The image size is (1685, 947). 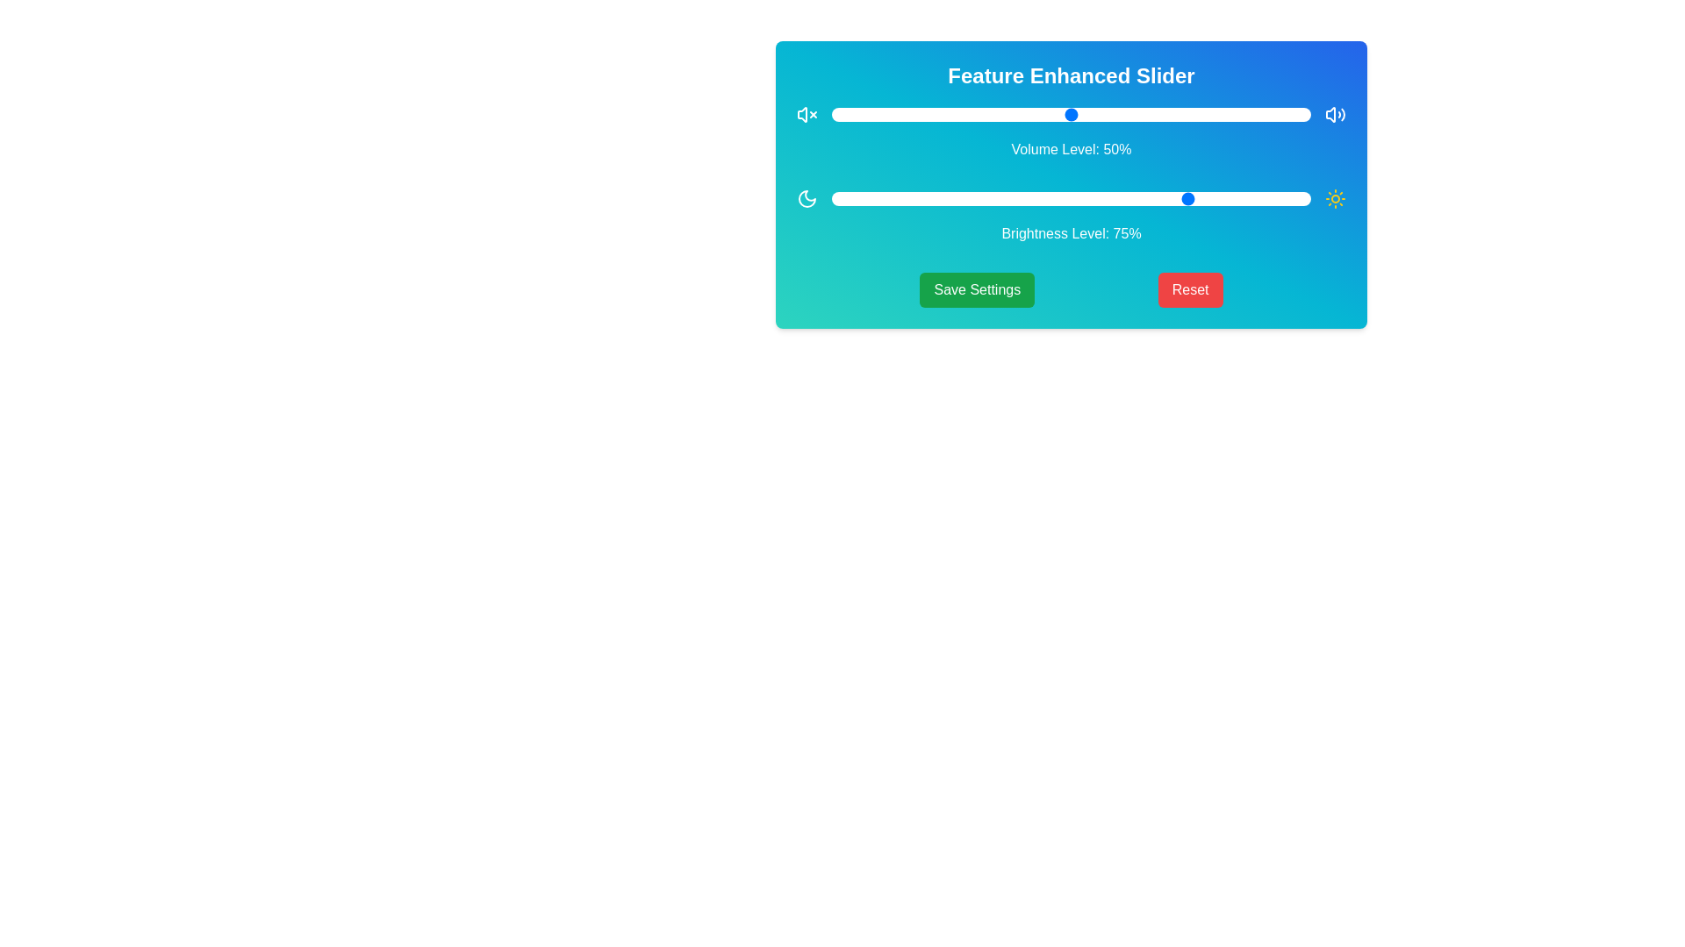 I want to click on the sound level icon located, so click(x=1334, y=115).